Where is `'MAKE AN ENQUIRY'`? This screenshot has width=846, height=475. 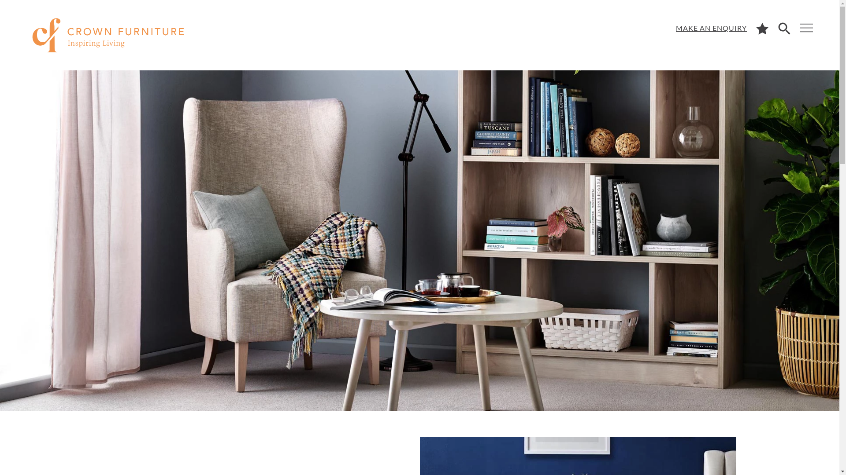 'MAKE AN ENQUIRY' is located at coordinates (675, 27).